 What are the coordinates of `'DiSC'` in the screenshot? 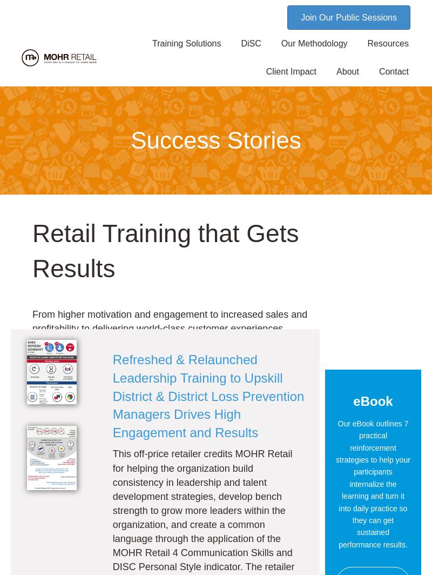 It's located at (250, 43).